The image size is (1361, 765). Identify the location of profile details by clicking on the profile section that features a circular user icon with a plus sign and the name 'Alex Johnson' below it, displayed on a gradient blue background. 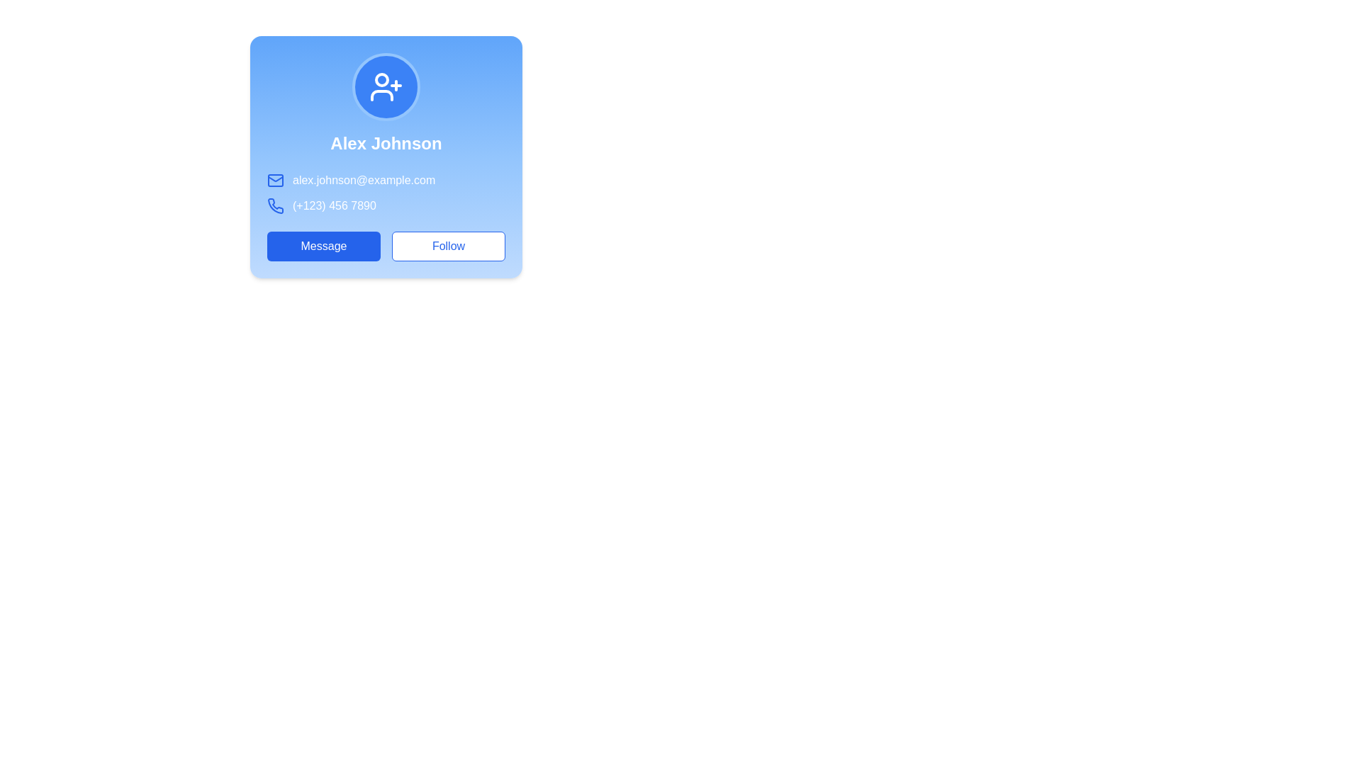
(386, 103).